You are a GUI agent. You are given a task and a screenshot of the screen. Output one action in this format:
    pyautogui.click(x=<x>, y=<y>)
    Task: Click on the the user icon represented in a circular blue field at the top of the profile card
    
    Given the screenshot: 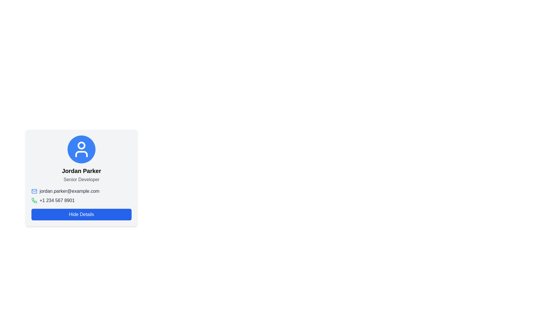 What is the action you would take?
    pyautogui.click(x=81, y=149)
    